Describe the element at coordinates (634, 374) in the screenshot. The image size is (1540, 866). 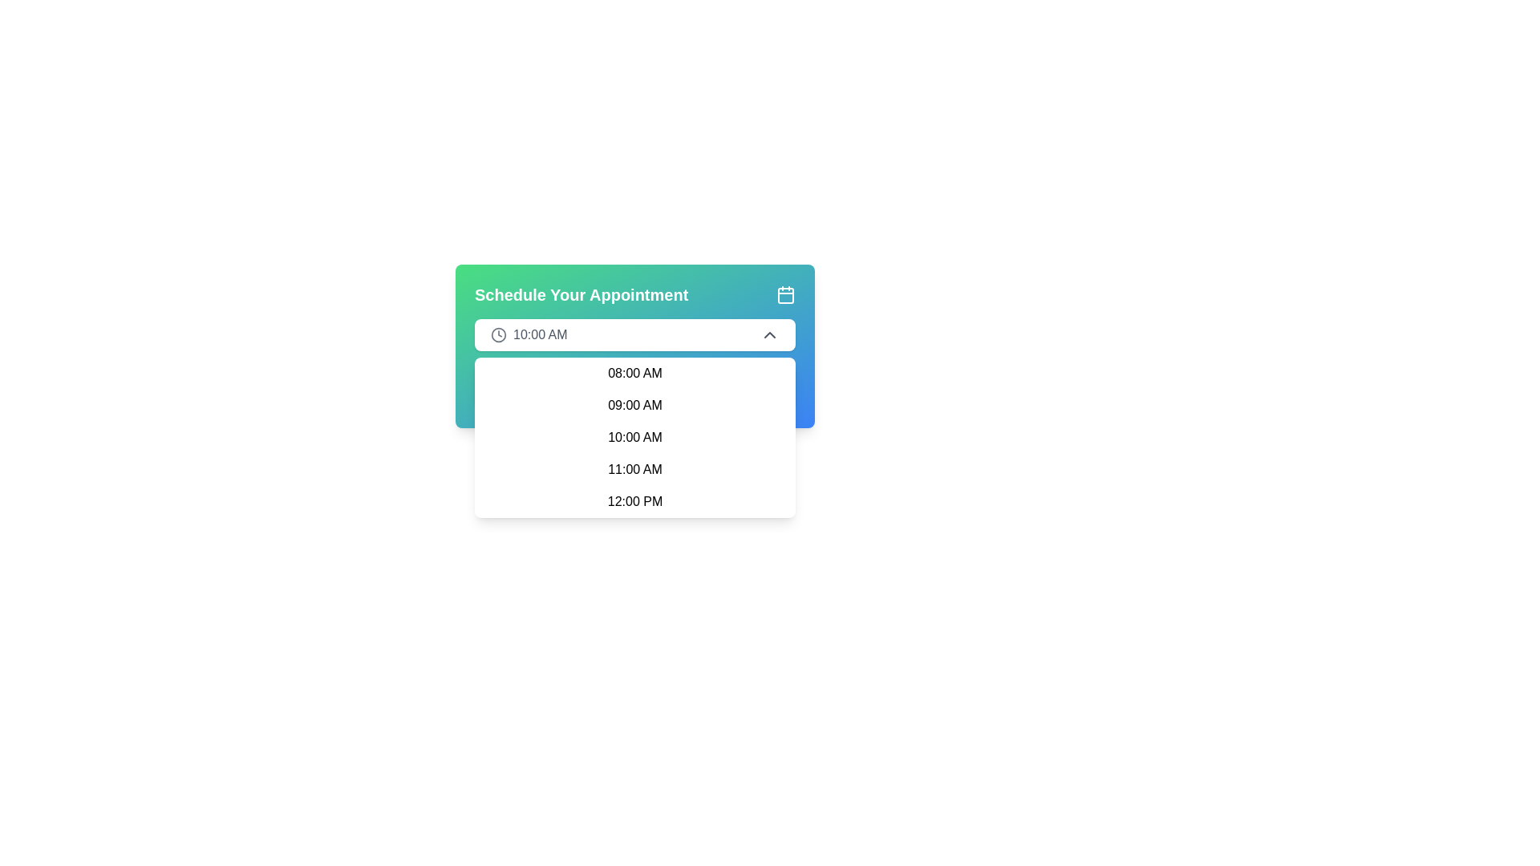
I see `the first list item option displaying '08:00 AM' in a dropdown menu to trigger hover effects` at that location.